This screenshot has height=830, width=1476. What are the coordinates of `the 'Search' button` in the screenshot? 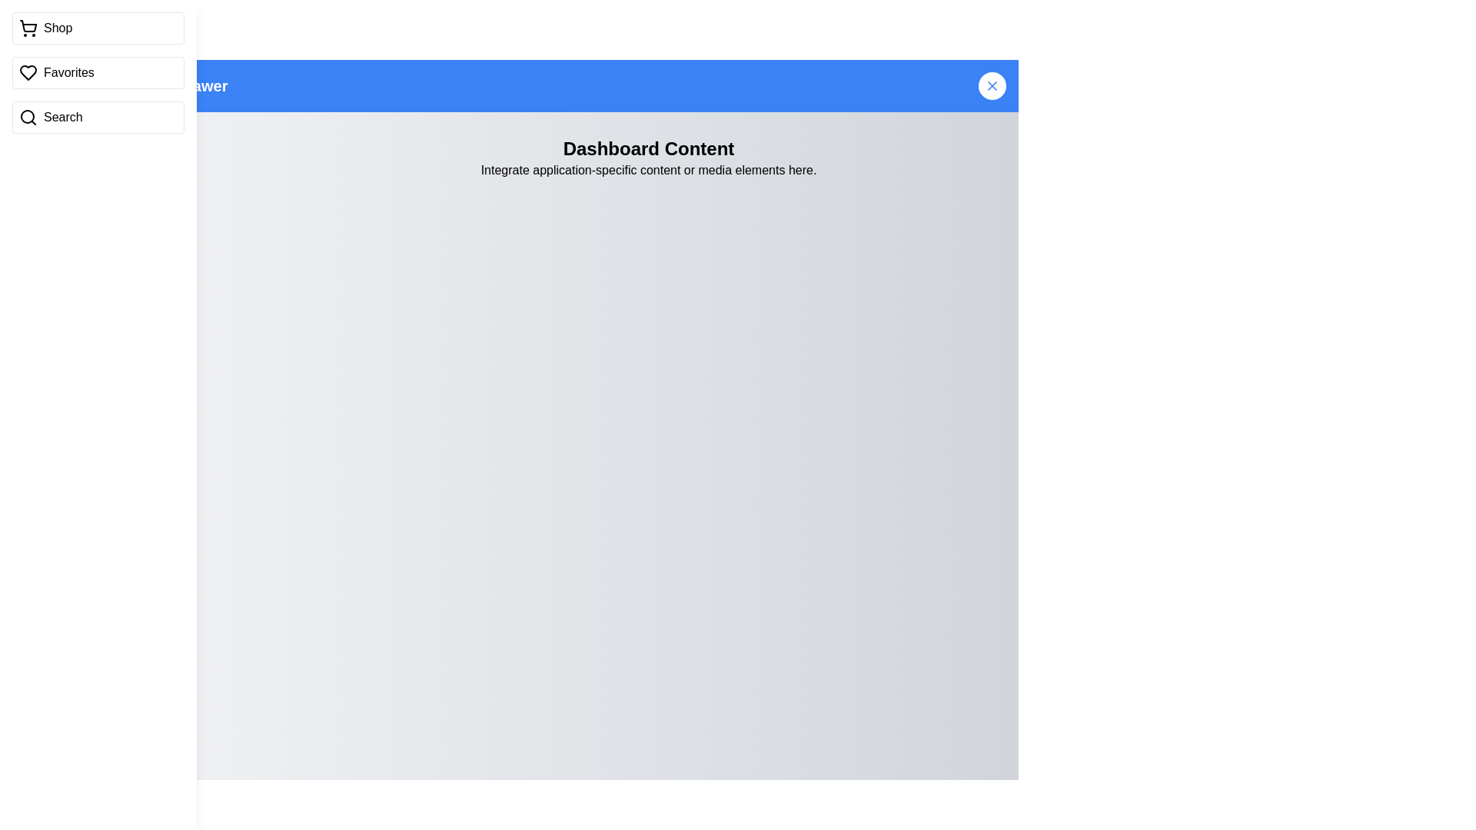 It's located at (98, 117).